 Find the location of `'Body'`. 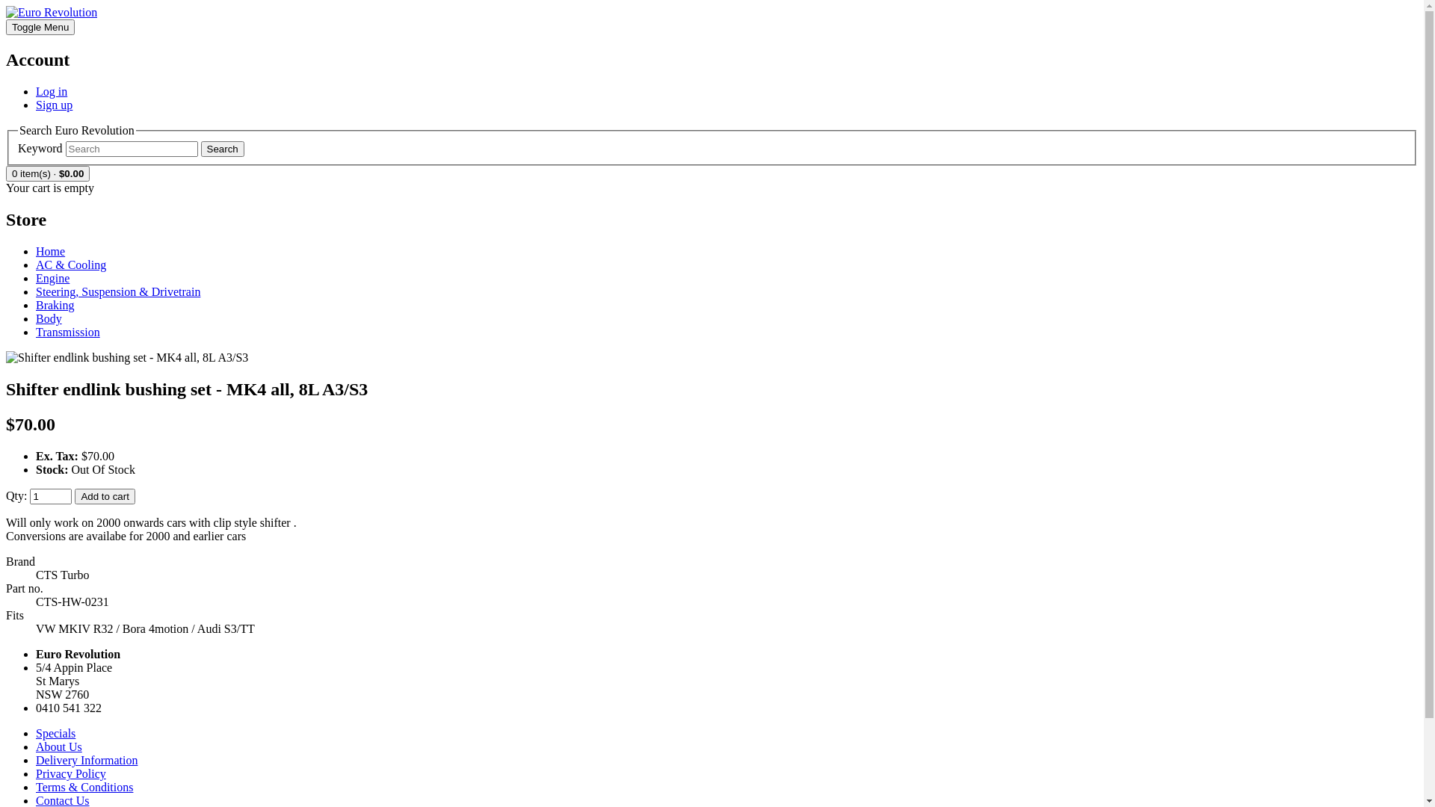

'Body' is located at coordinates (36, 318).